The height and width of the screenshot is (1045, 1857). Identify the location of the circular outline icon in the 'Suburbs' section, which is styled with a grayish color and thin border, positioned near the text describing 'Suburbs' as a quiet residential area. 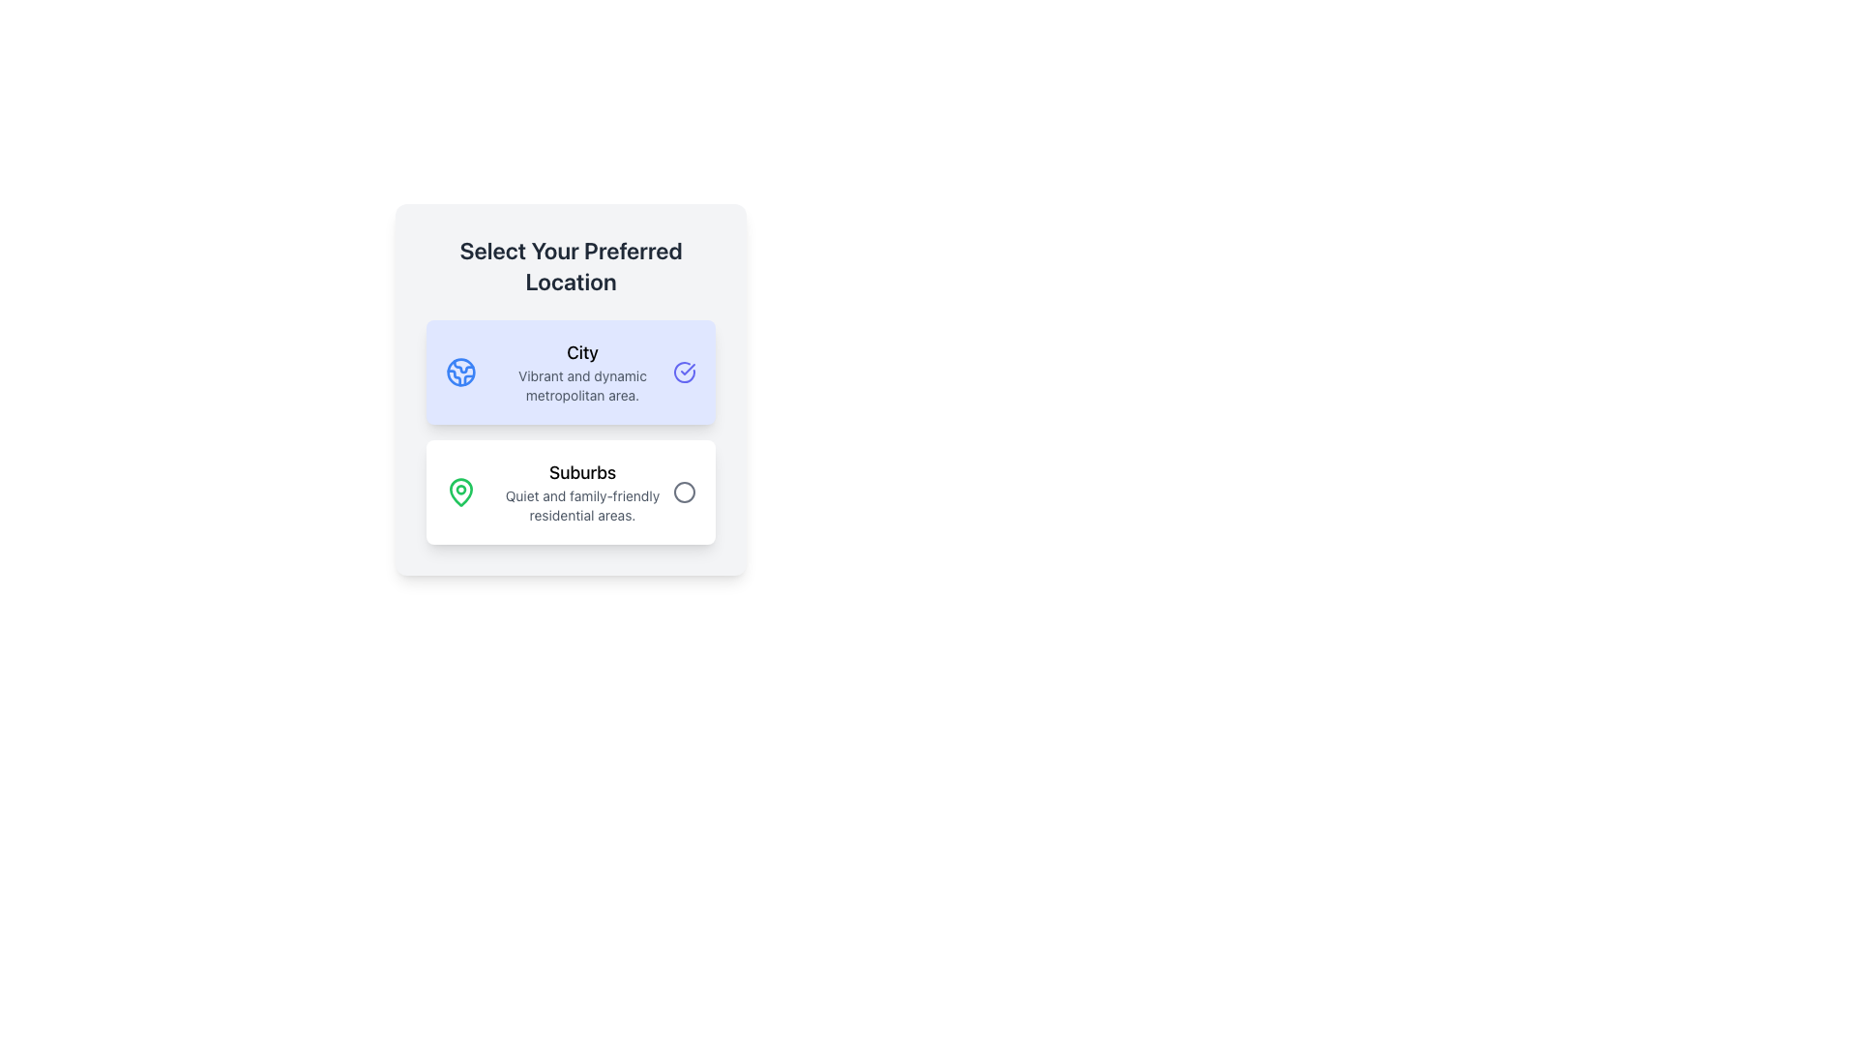
(685, 492).